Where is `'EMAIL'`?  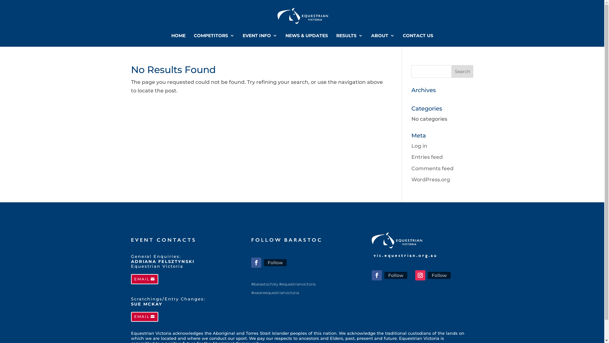
'EMAIL' is located at coordinates (144, 279).